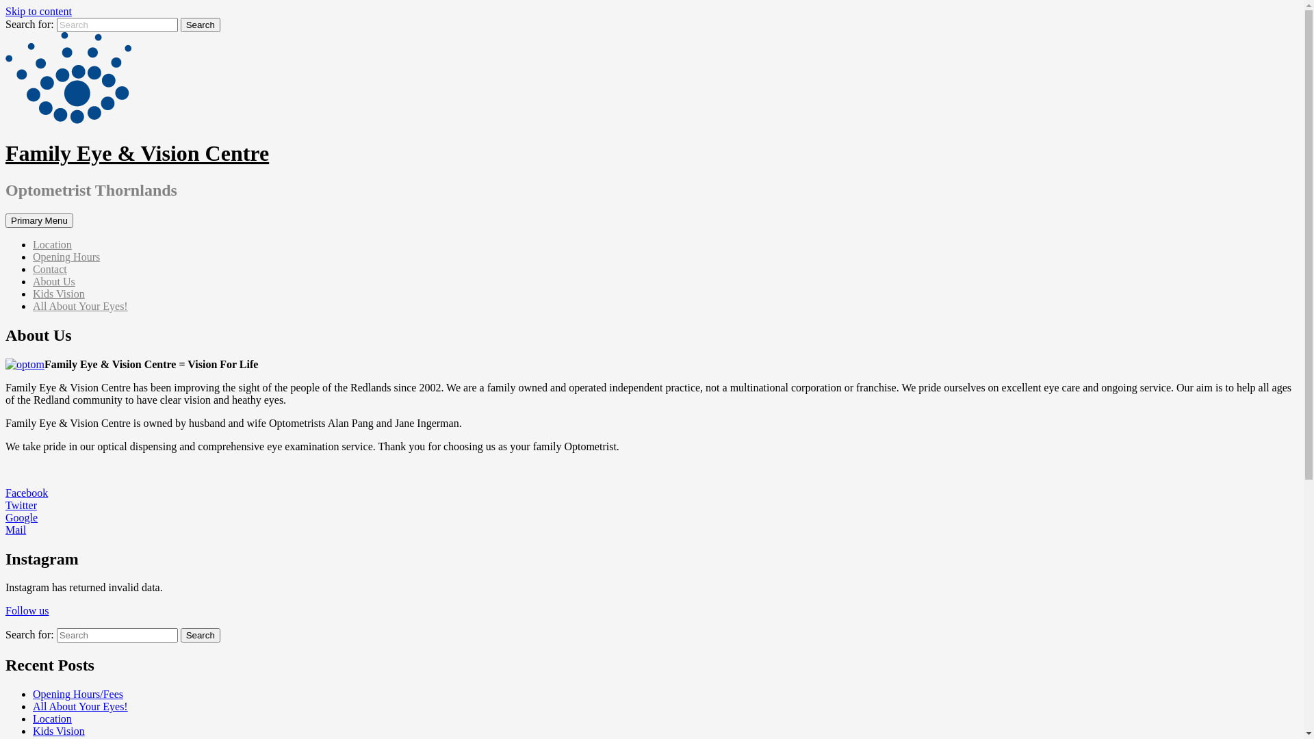 The image size is (1314, 739). Describe the element at coordinates (38, 11) in the screenshot. I see `'Skip to content'` at that location.